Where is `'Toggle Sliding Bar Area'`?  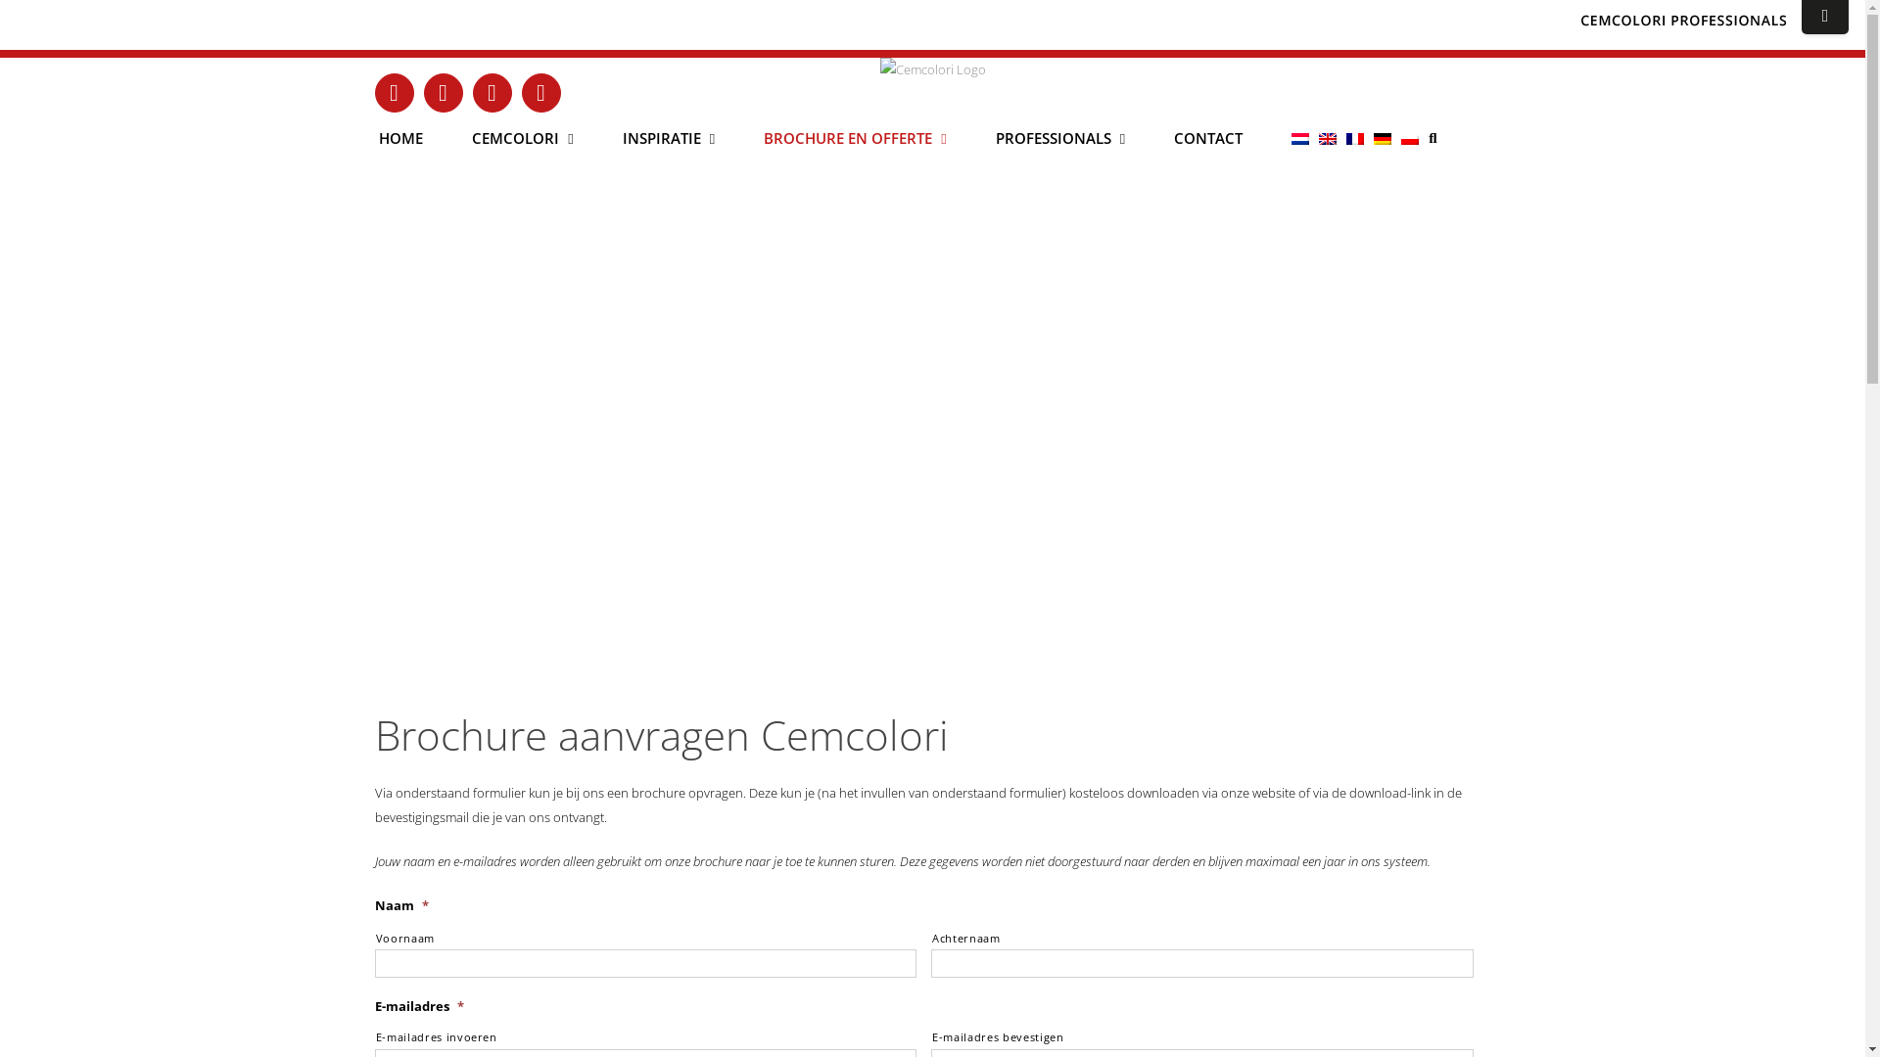
'Toggle Sliding Bar Area' is located at coordinates (1823, 17).